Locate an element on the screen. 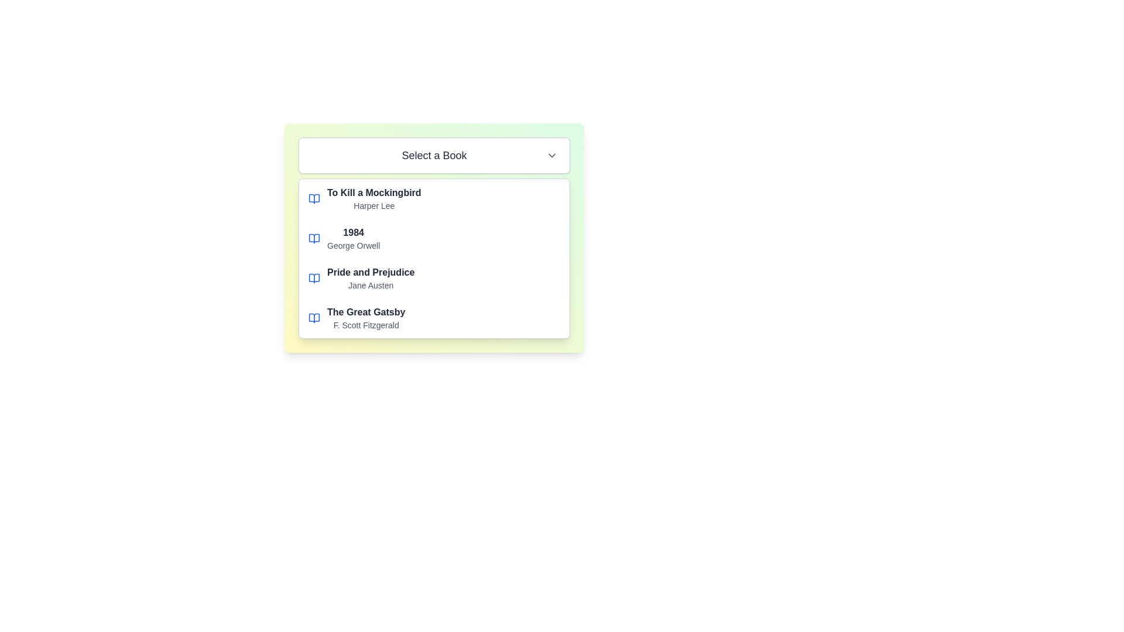 Image resolution: width=1124 pixels, height=632 pixels. the SVG icon representing an open book, which has a light blue outline, located to the left of the text '1984' on a hoverable card in the list is located at coordinates (314, 238).